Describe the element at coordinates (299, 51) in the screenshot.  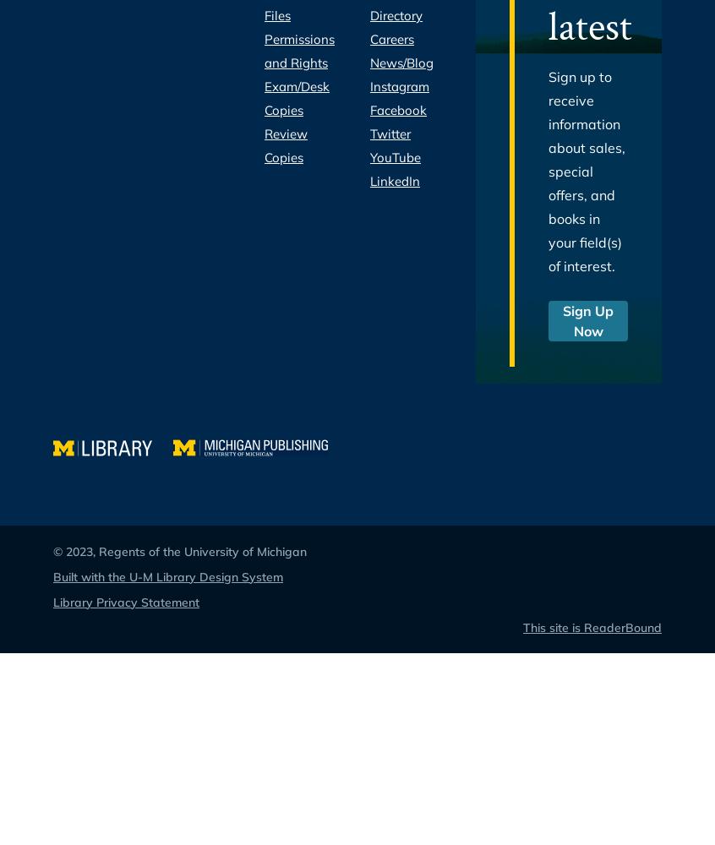
I see `'Permissions and Rights'` at that location.